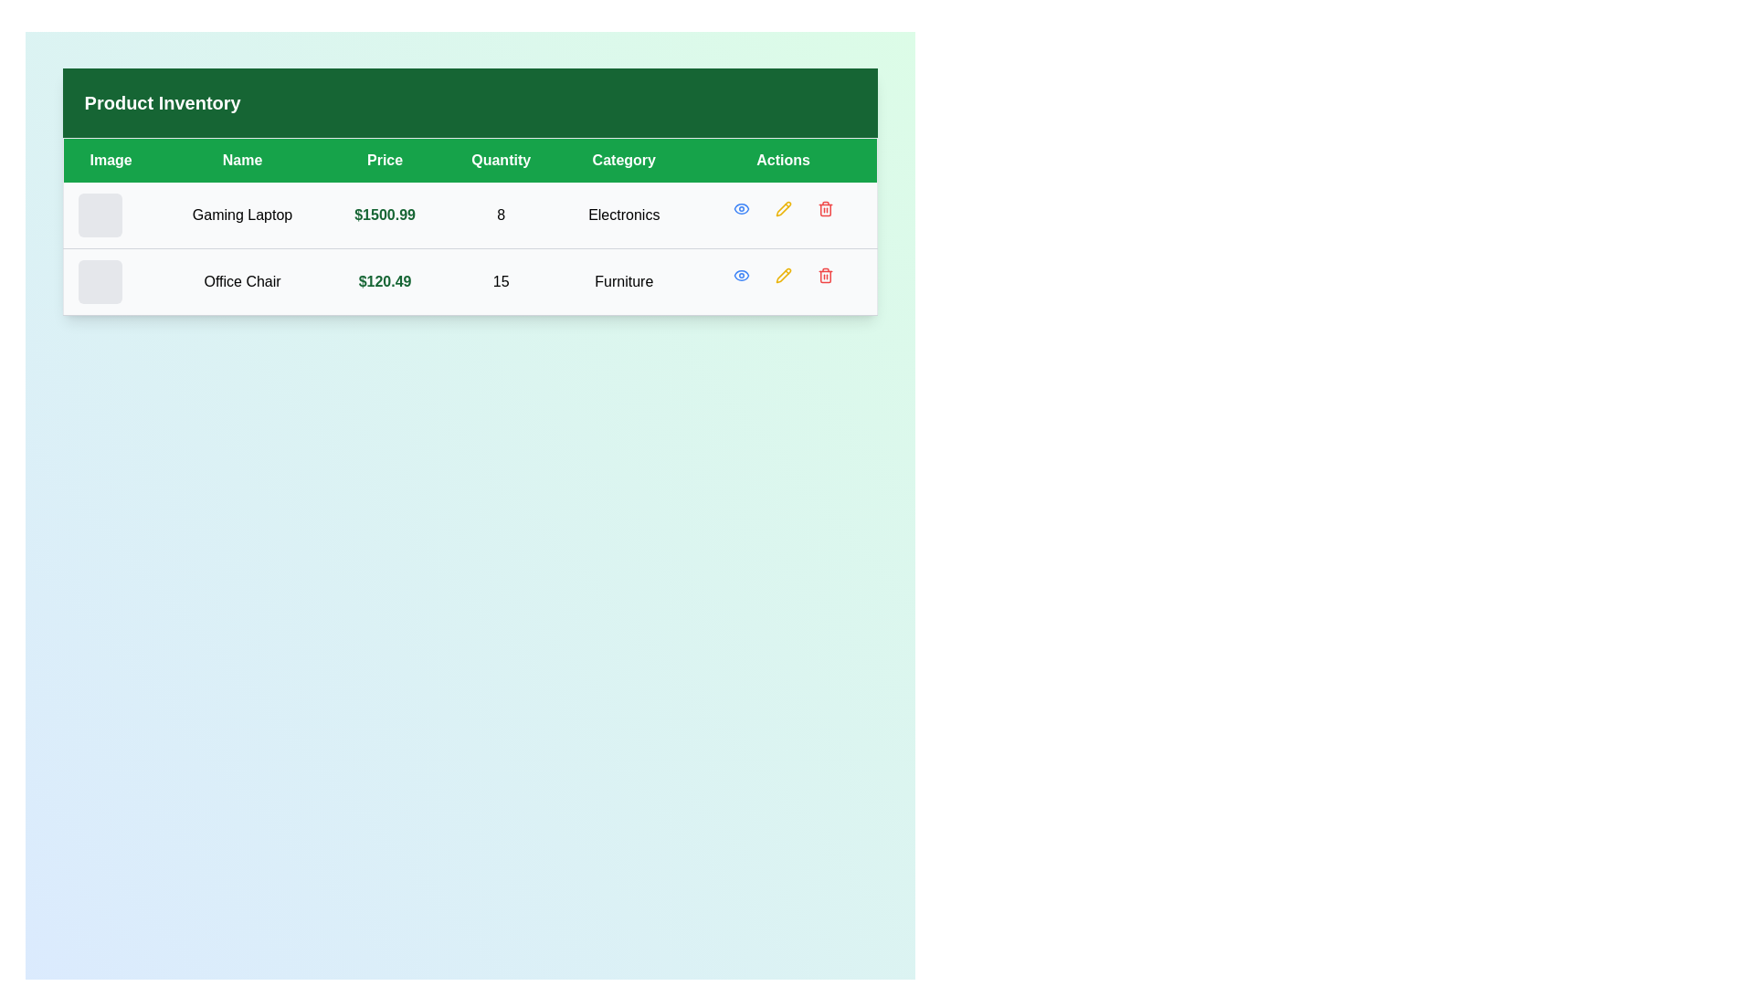  What do you see at coordinates (783, 207) in the screenshot?
I see `the pencil icon with a yellow outline in the 'Actions' column of the table for the 'Gaming Laptop' entry for accessibility purposes` at bounding box center [783, 207].